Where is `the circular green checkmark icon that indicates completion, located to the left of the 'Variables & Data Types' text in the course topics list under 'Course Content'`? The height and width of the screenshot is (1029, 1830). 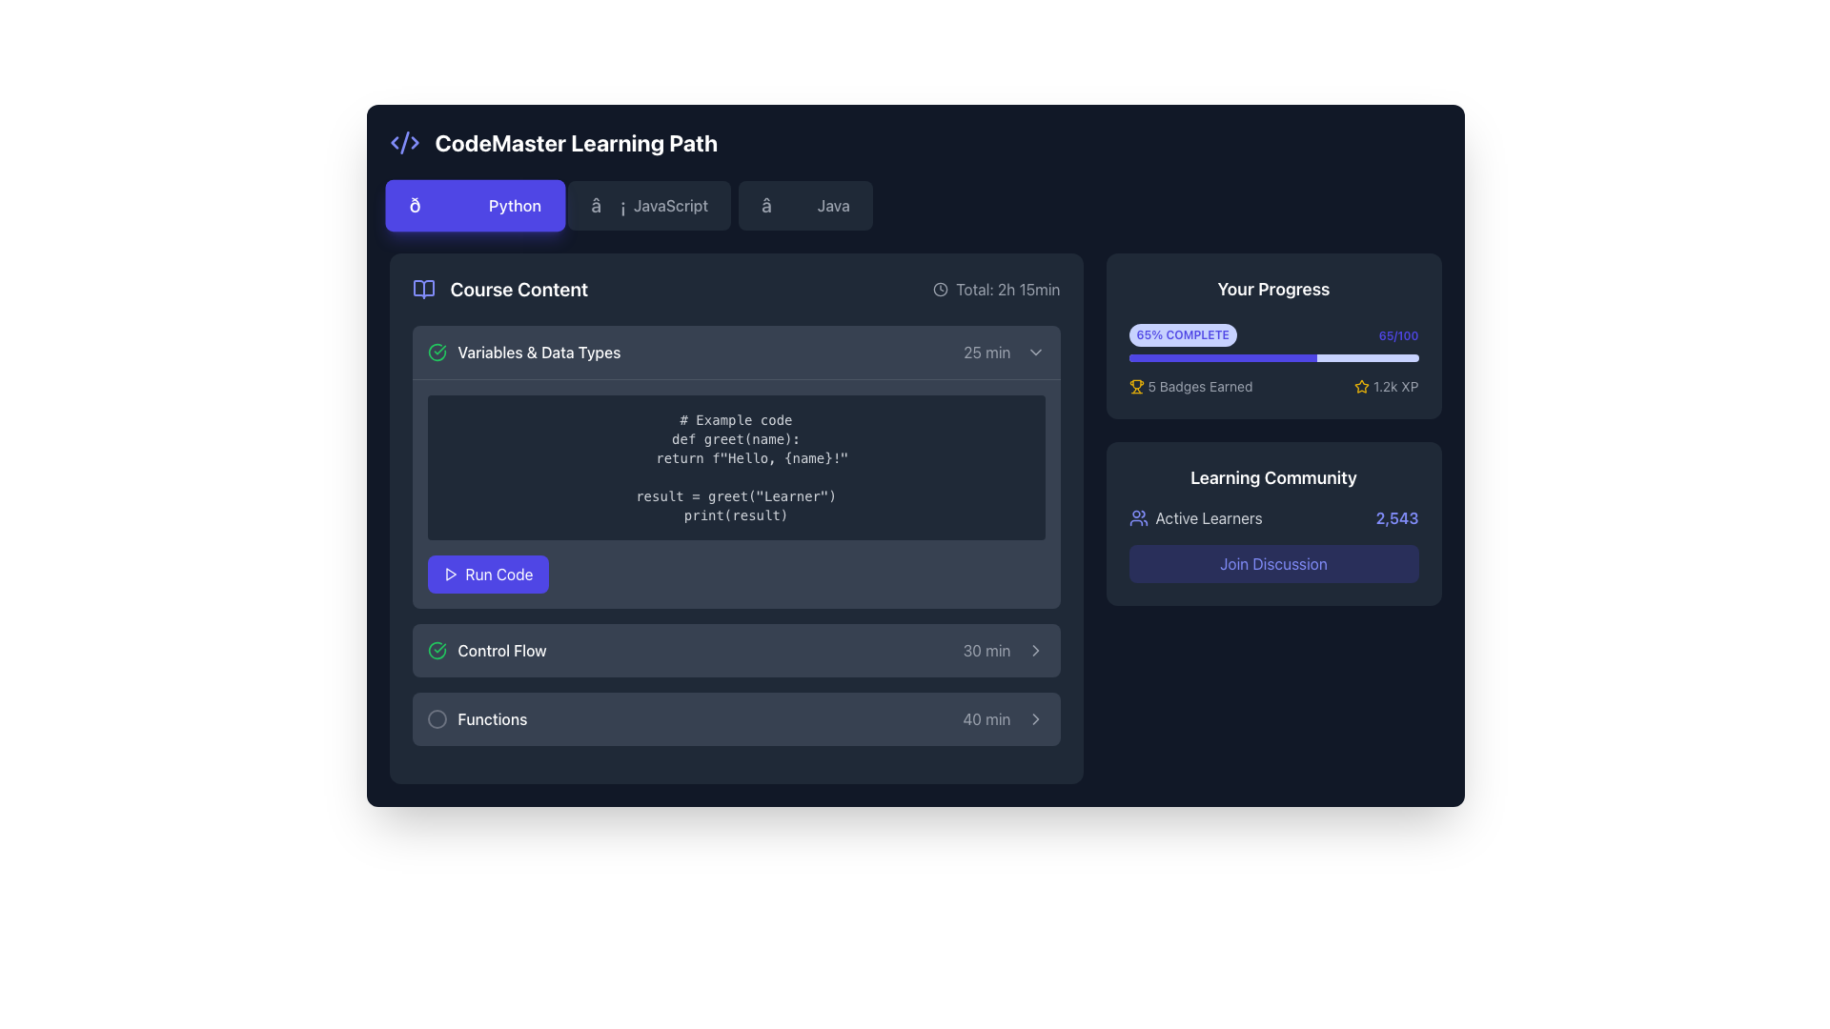 the circular green checkmark icon that indicates completion, located to the left of the 'Variables & Data Types' text in the course topics list under 'Course Content' is located at coordinates (436, 353).